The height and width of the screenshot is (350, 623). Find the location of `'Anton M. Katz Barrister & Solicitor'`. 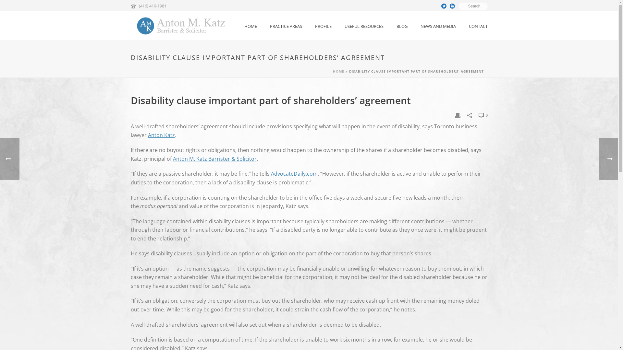

'Anton M. Katz Barrister & Solicitor' is located at coordinates (214, 158).